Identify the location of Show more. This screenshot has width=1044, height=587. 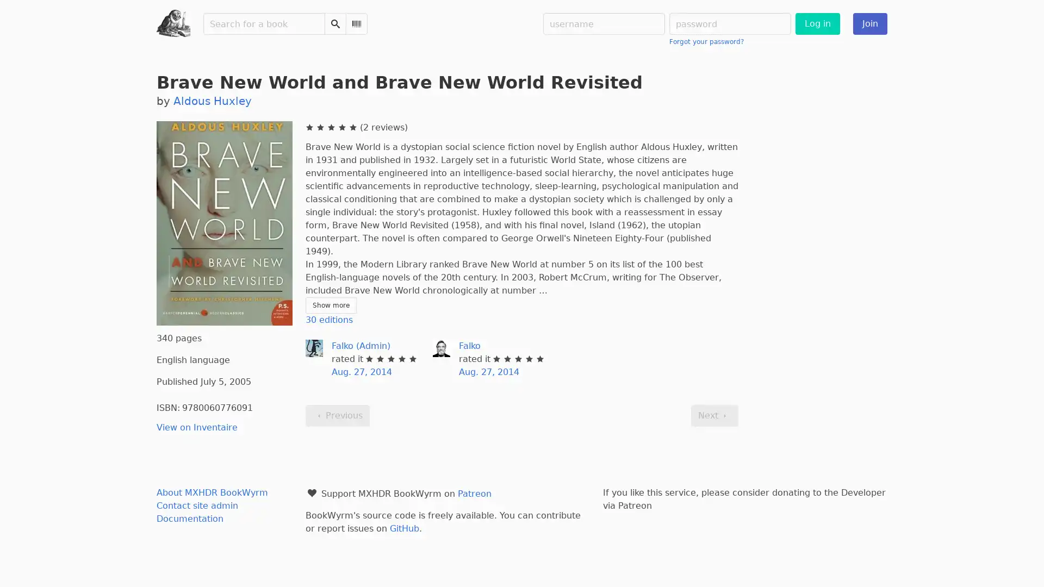
(330, 305).